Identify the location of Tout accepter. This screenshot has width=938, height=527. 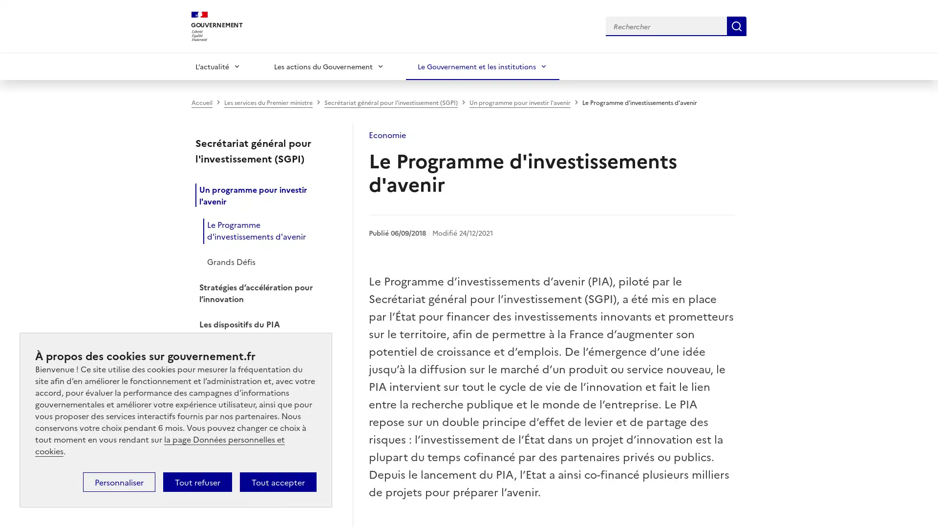
(277, 481).